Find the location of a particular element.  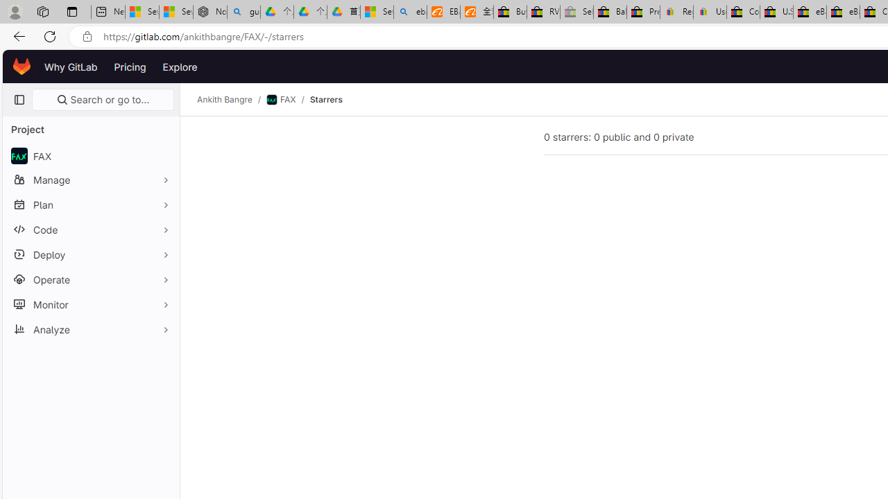

'Why GitLab' is located at coordinates (70, 67).